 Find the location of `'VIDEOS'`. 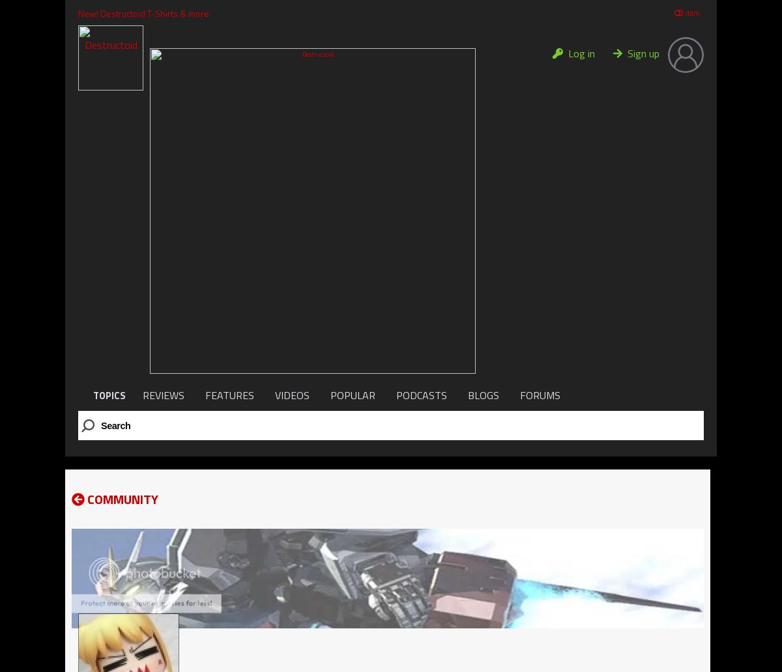

'VIDEOS' is located at coordinates (292, 395).